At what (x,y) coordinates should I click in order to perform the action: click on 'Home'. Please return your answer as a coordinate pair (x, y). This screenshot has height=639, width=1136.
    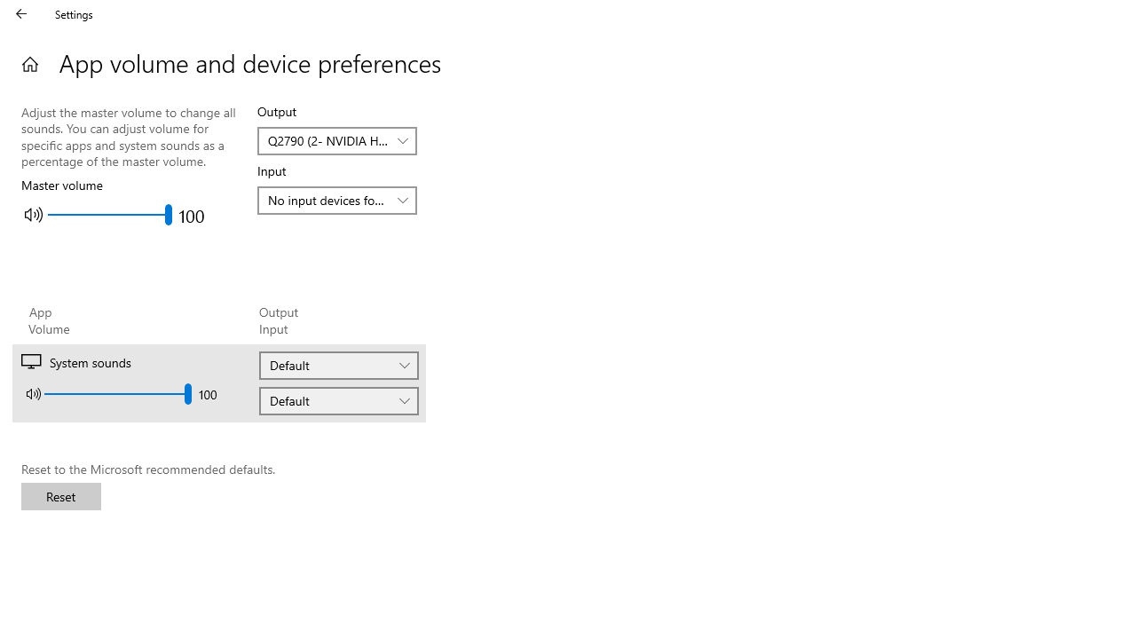
    Looking at the image, I should click on (29, 63).